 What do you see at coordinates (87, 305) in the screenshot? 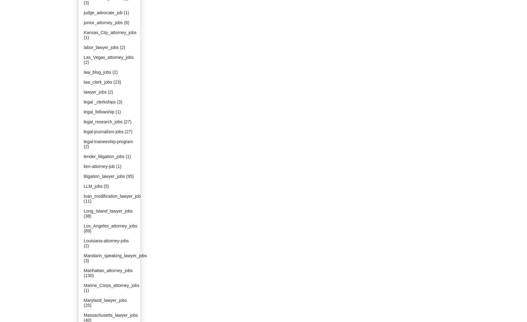
I see `'(25)'` at bounding box center [87, 305].